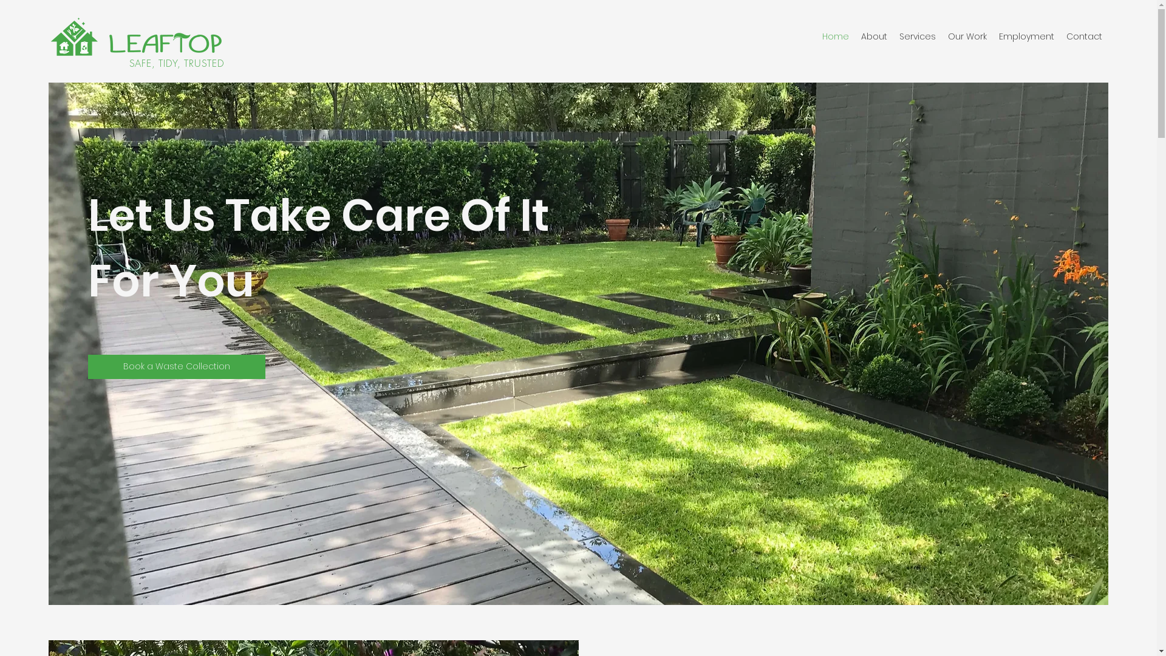 This screenshot has height=656, width=1166. What do you see at coordinates (1060, 36) in the screenshot?
I see `'Contact'` at bounding box center [1060, 36].